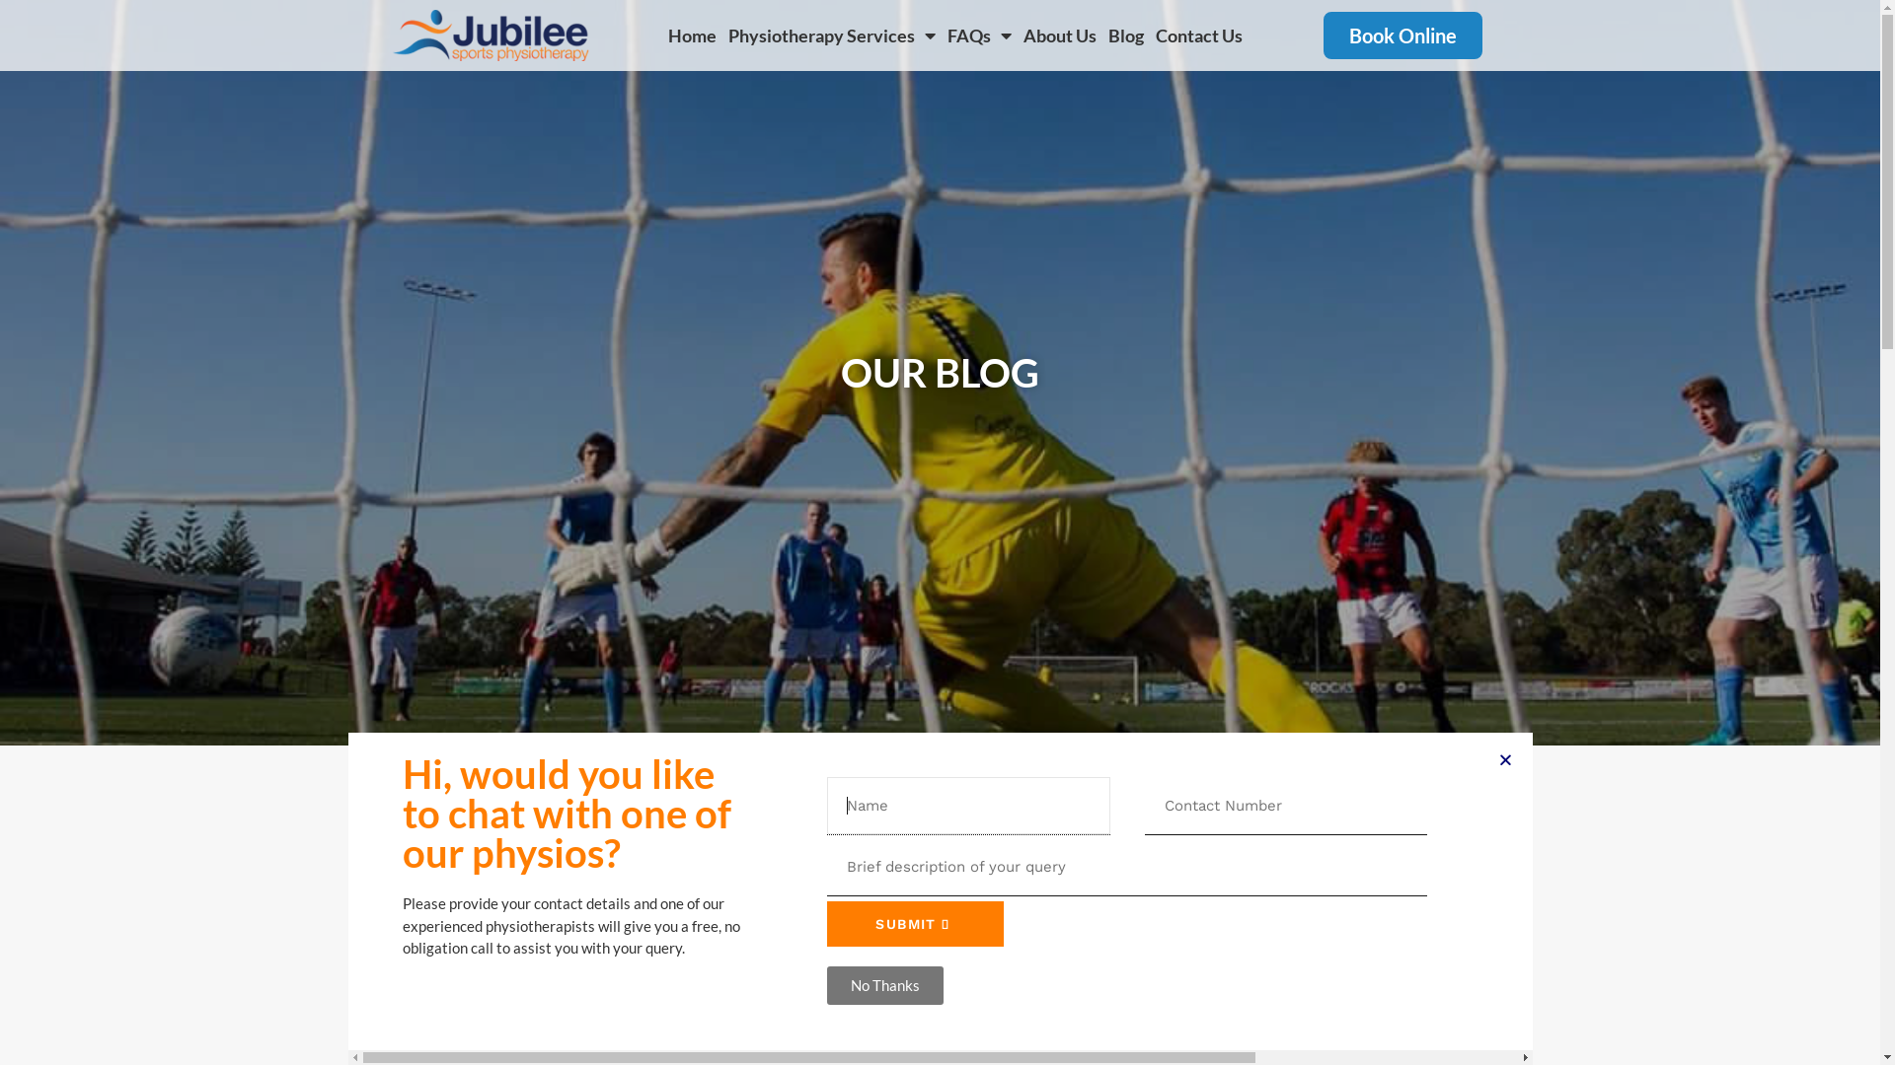 This screenshot has width=1895, height=1065. Describe the element at coordinates (941, 35) in the screenshot. I see `'FAQs'` at that location.